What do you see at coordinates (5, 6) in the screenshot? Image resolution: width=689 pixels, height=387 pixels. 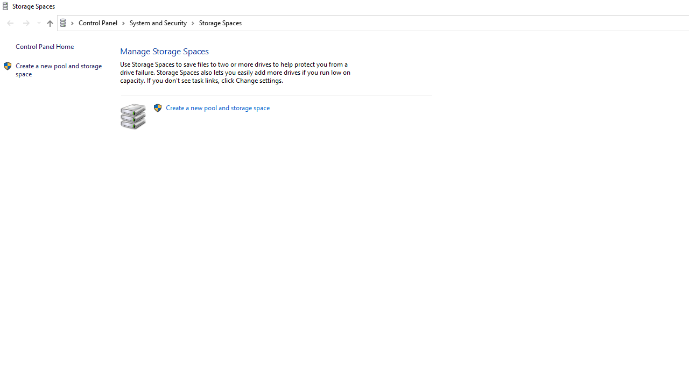 I see `'System'` at bounding box center [5, 6].